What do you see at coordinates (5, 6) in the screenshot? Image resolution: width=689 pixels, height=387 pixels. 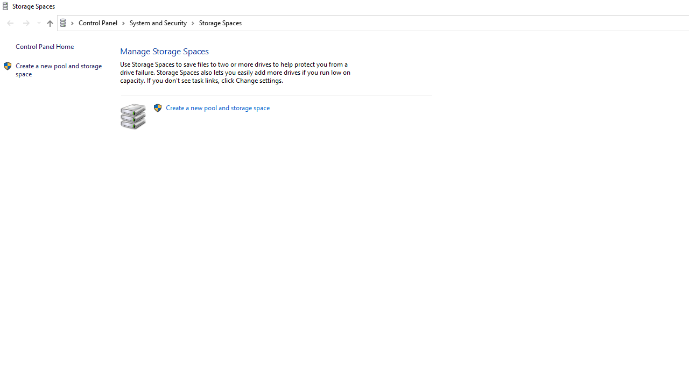 I see `'System'` at bounding box center [5, 6].